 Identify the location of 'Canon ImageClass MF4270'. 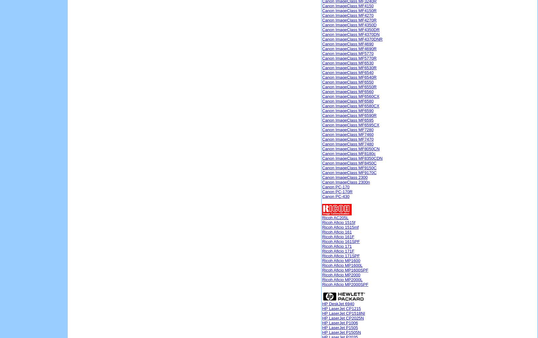
(348, 15).